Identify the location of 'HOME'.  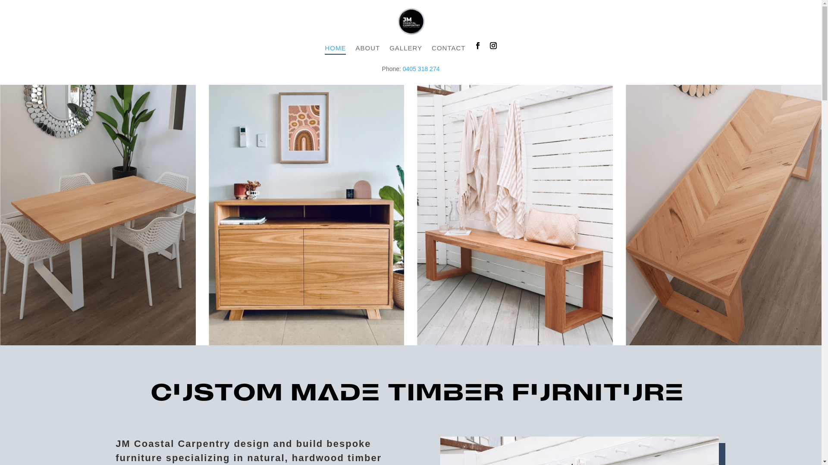
(335, 55).